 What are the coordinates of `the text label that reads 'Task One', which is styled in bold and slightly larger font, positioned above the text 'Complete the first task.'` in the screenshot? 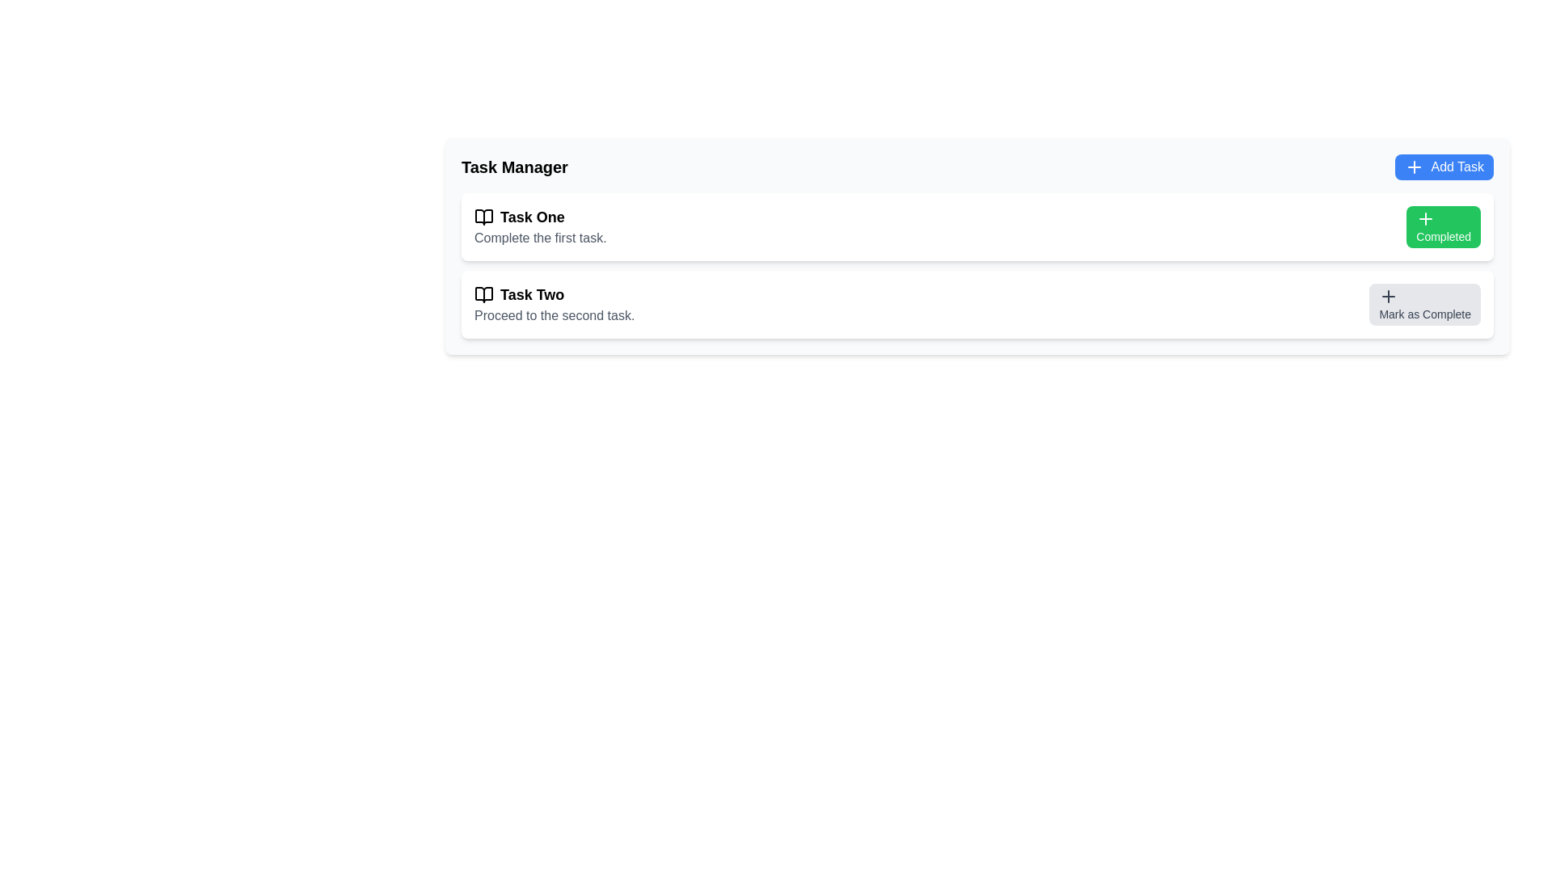 It's located at (540, 217).